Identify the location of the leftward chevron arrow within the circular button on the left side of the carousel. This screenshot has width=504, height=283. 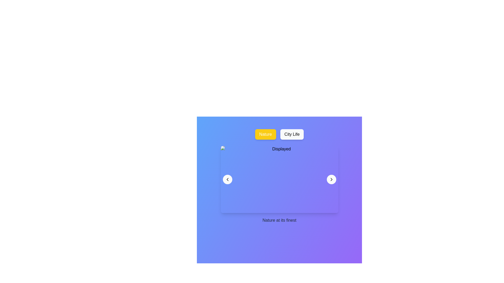
(227, 179).